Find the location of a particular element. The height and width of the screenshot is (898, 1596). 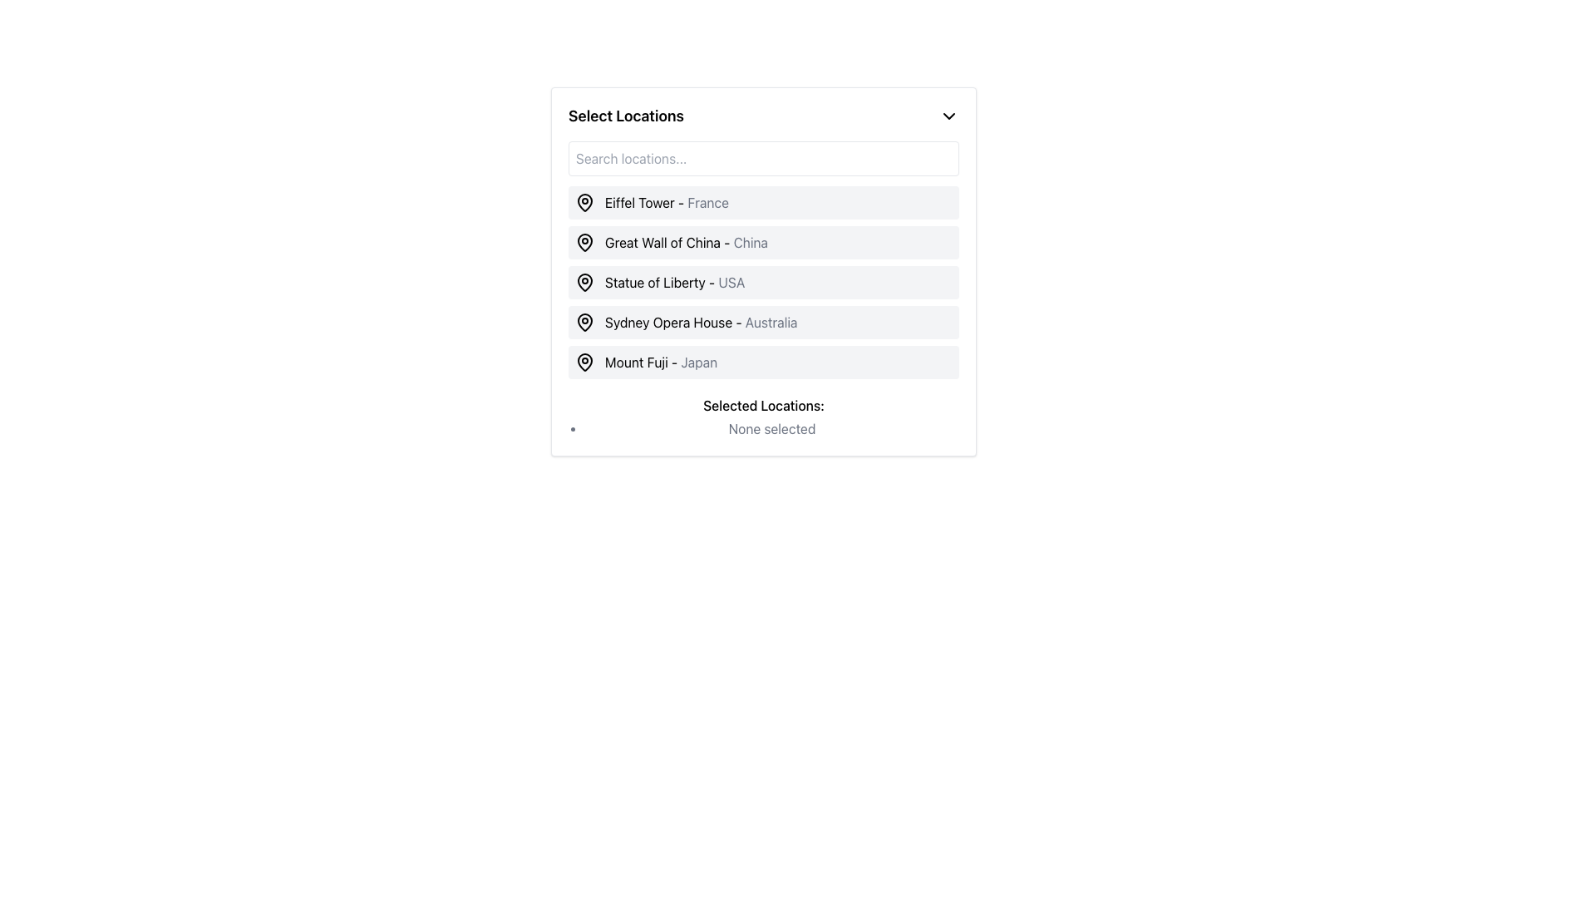

the pin icon associated with 'Mount Fuji - Japan' in the 'Select Locations' panel, which is the fifth item in the list is located at coordinates (585, 361).